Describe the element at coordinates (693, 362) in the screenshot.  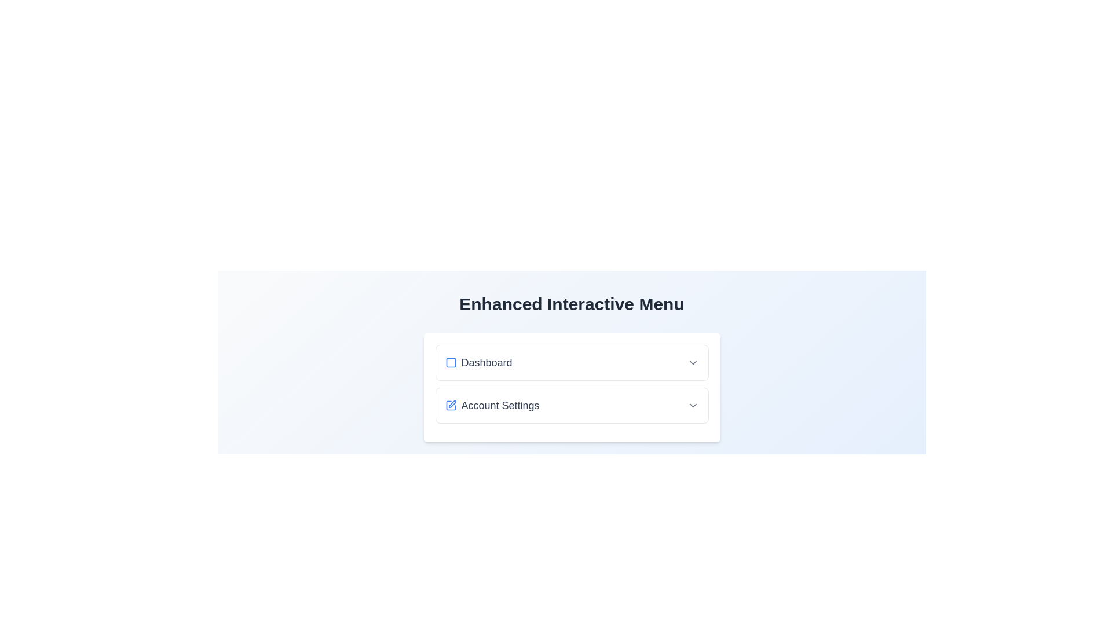
I see `the chevron icon located to the right of the 'Dashboard' text` at that location.